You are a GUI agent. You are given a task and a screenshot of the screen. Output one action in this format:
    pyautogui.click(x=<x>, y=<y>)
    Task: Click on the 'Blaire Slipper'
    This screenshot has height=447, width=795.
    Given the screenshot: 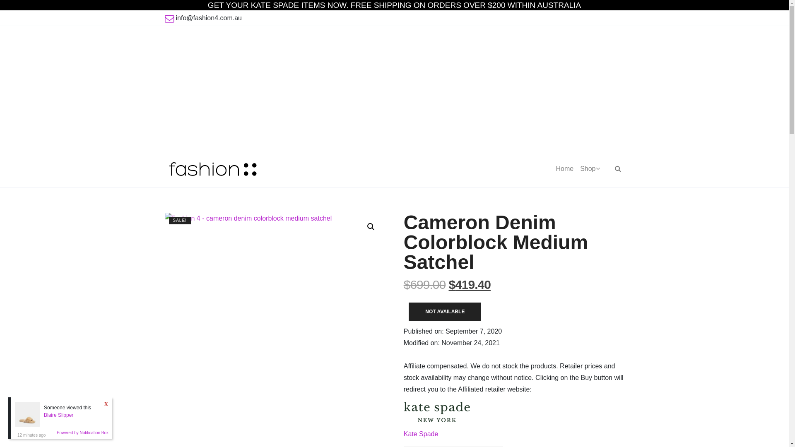 What is the action you would take?
    pyautogui.click(x=58, y=415)
    